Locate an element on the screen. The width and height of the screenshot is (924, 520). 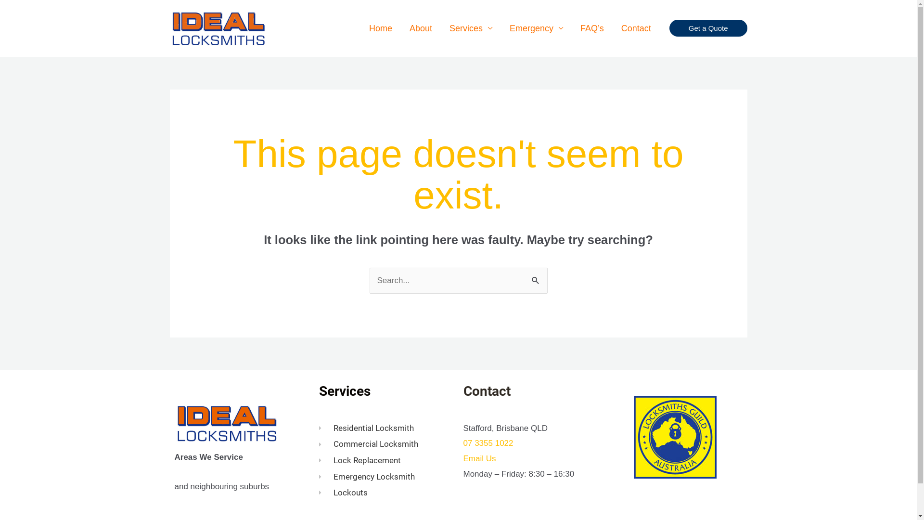
'Email Us' is located at coordinates (479, 458).